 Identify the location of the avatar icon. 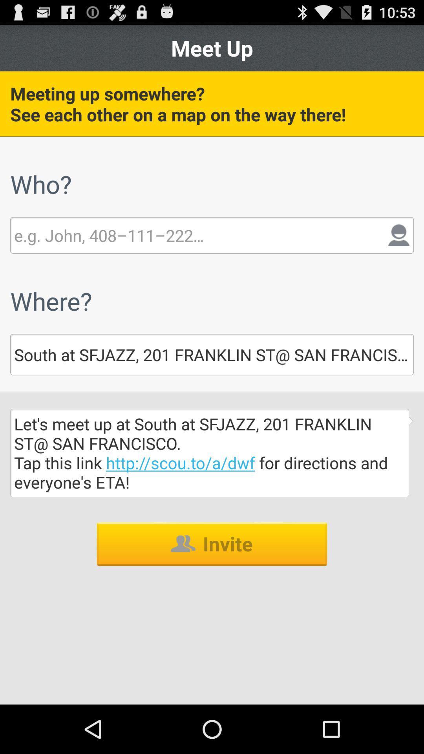
(399, 252).